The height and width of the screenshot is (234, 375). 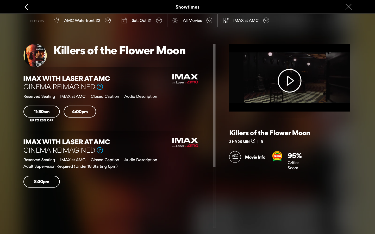 I want to click on Explore the details of the movie and then backtrack, so click(x=247, y=155).